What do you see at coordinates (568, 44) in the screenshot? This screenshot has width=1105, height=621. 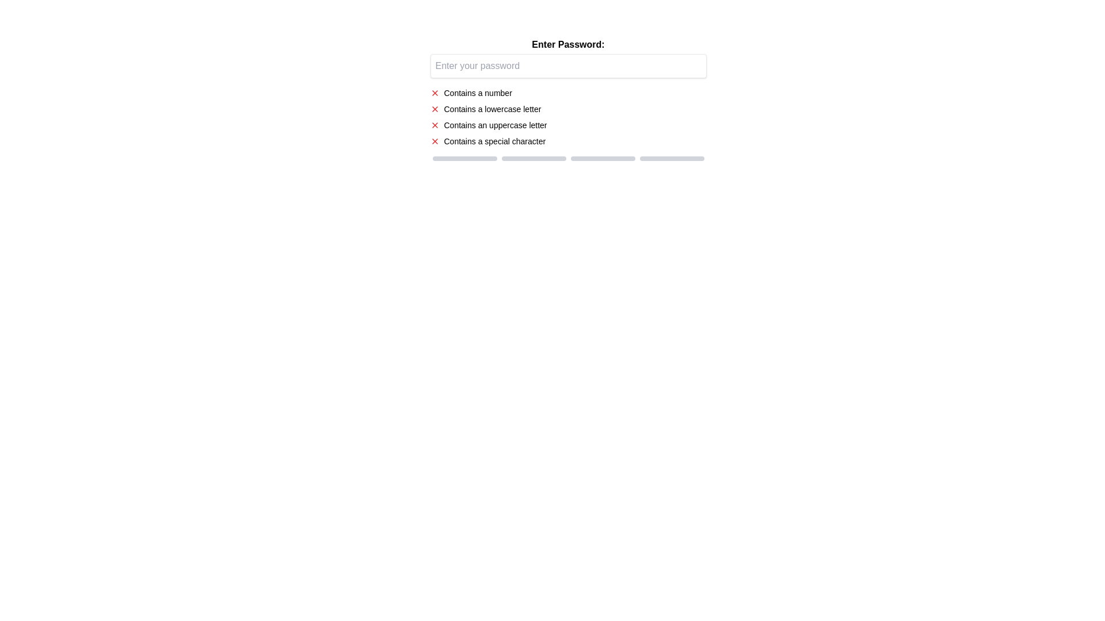 I see `text from the bold label 'Enter Password:' which serves as a header for the password input field below it` at bounding box center [568, 44].